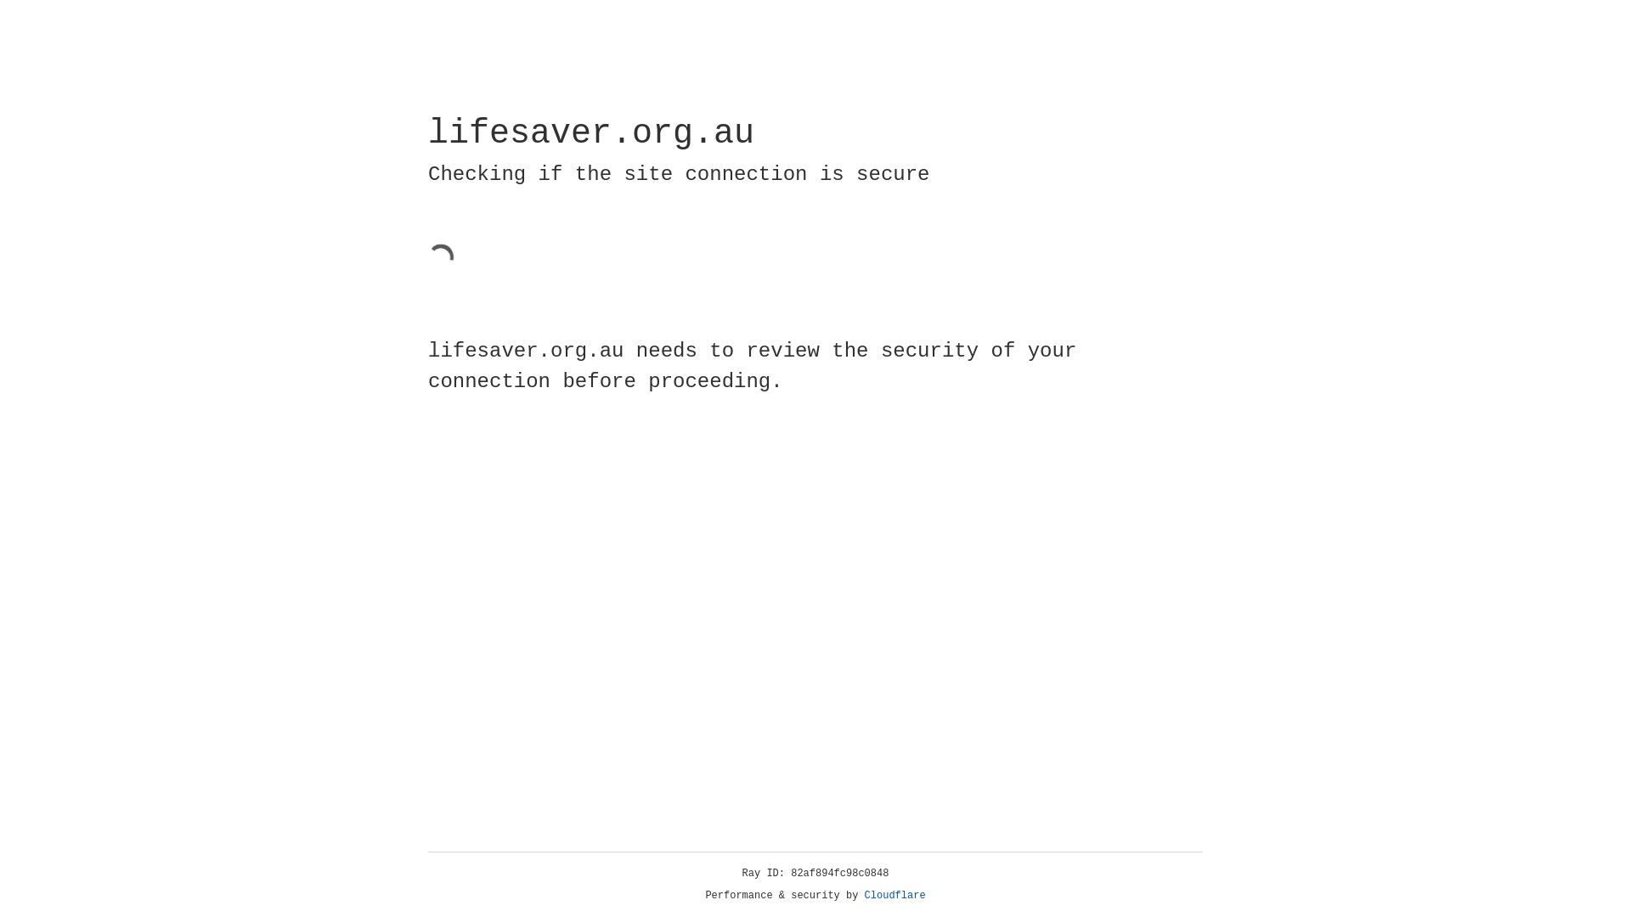 The image size is (1631, 917). What do you see at coordinates (895, 895) in the screenshot?
I see `'Cloudflare'` at bounding box center [895, 895].